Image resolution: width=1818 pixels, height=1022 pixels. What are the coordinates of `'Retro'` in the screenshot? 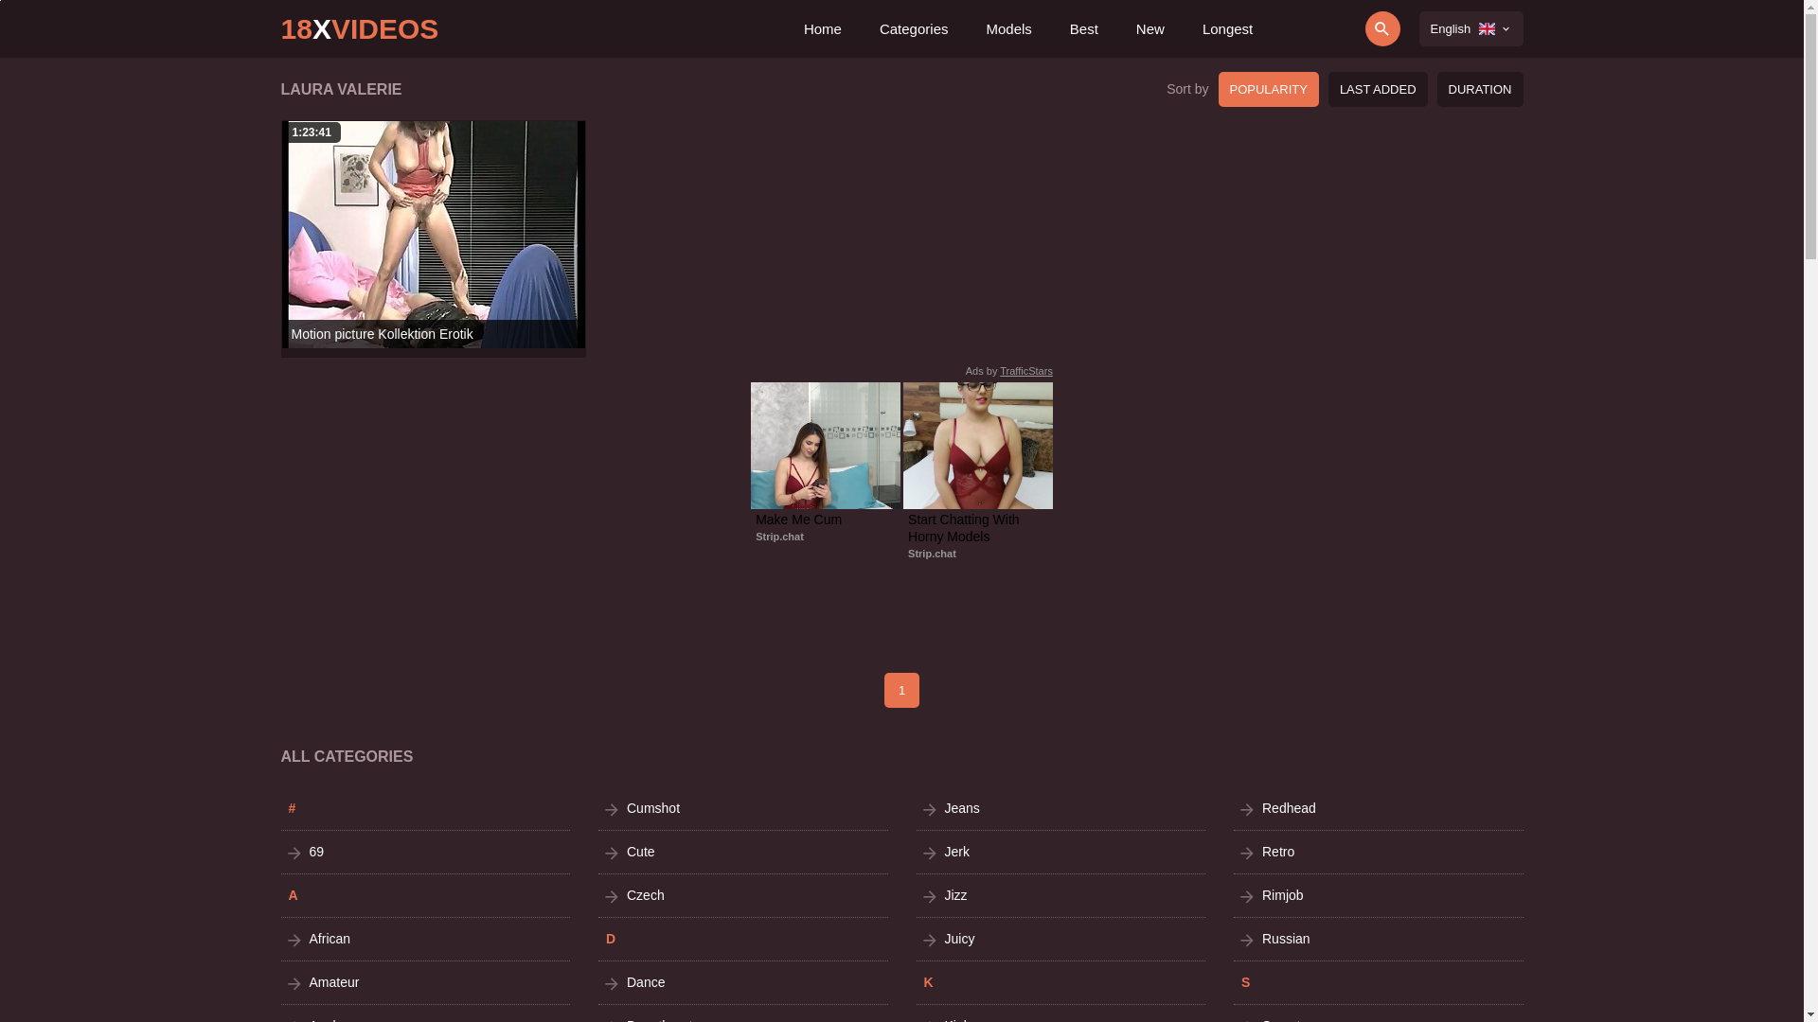 It's located at (1378, 852).